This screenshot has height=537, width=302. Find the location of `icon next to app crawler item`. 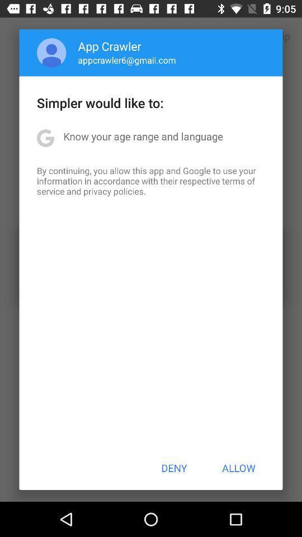

icon next to app crawler item is located at coordinates (51, 53).